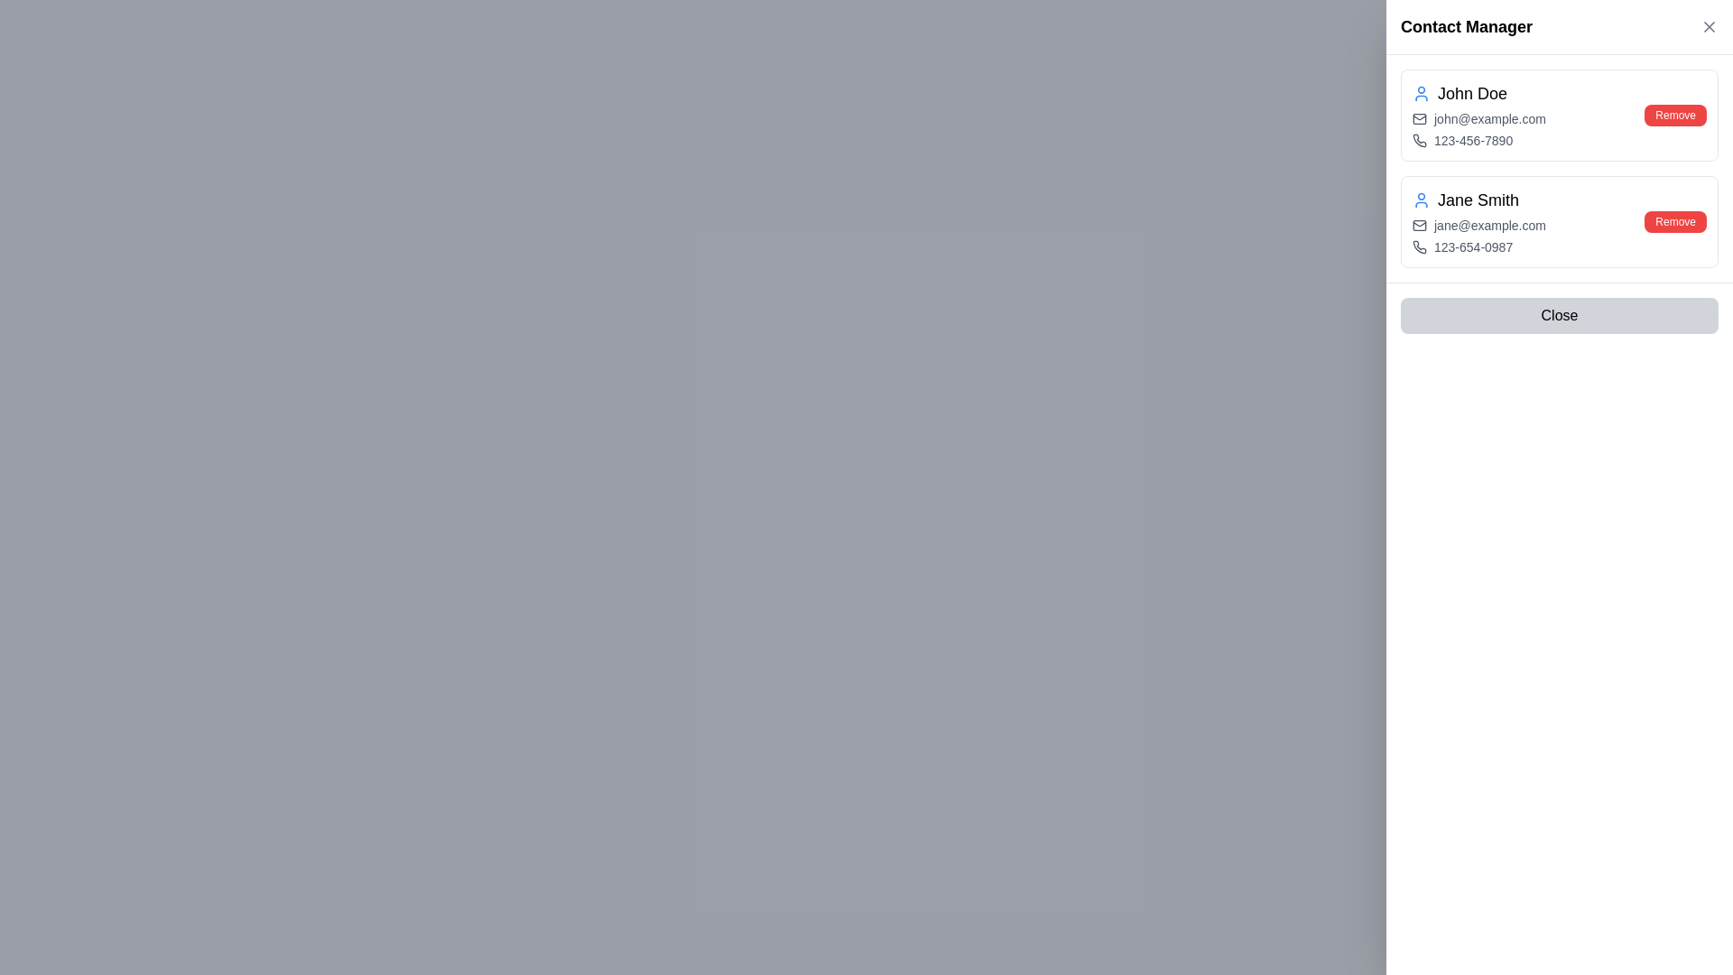 Image resolution: width=1733 pixels, height=975 pixels. Describe the element at coordinates (1420, 94) in the screenshot. I see `the profile icon representing the user 'John Doe'` at that location.